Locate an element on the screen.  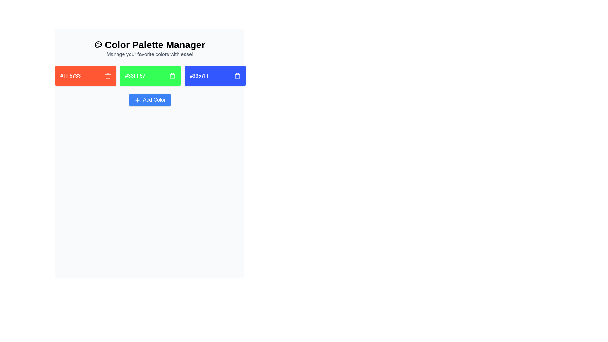
the trash can icon within the green box labeled '#33FF57' is located at coordinates (173, 75).